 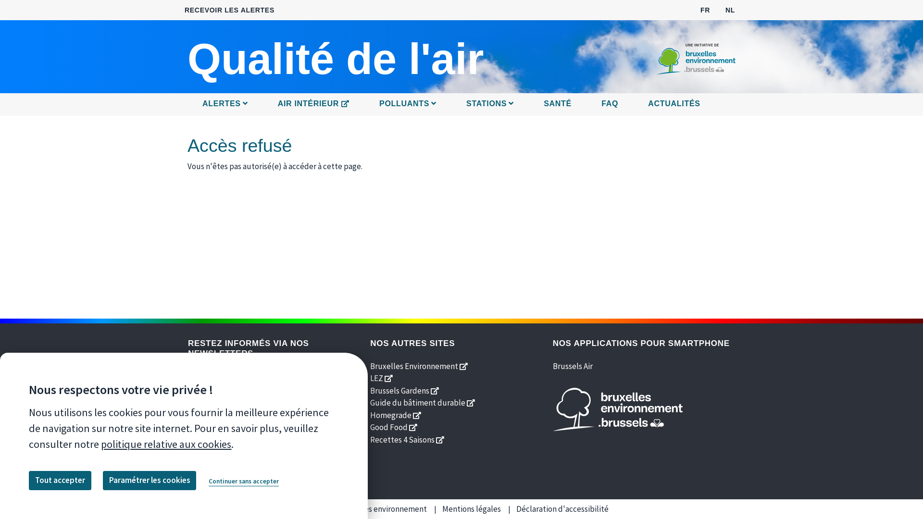 I want to click on 'FR', so click(x=705, y=9).